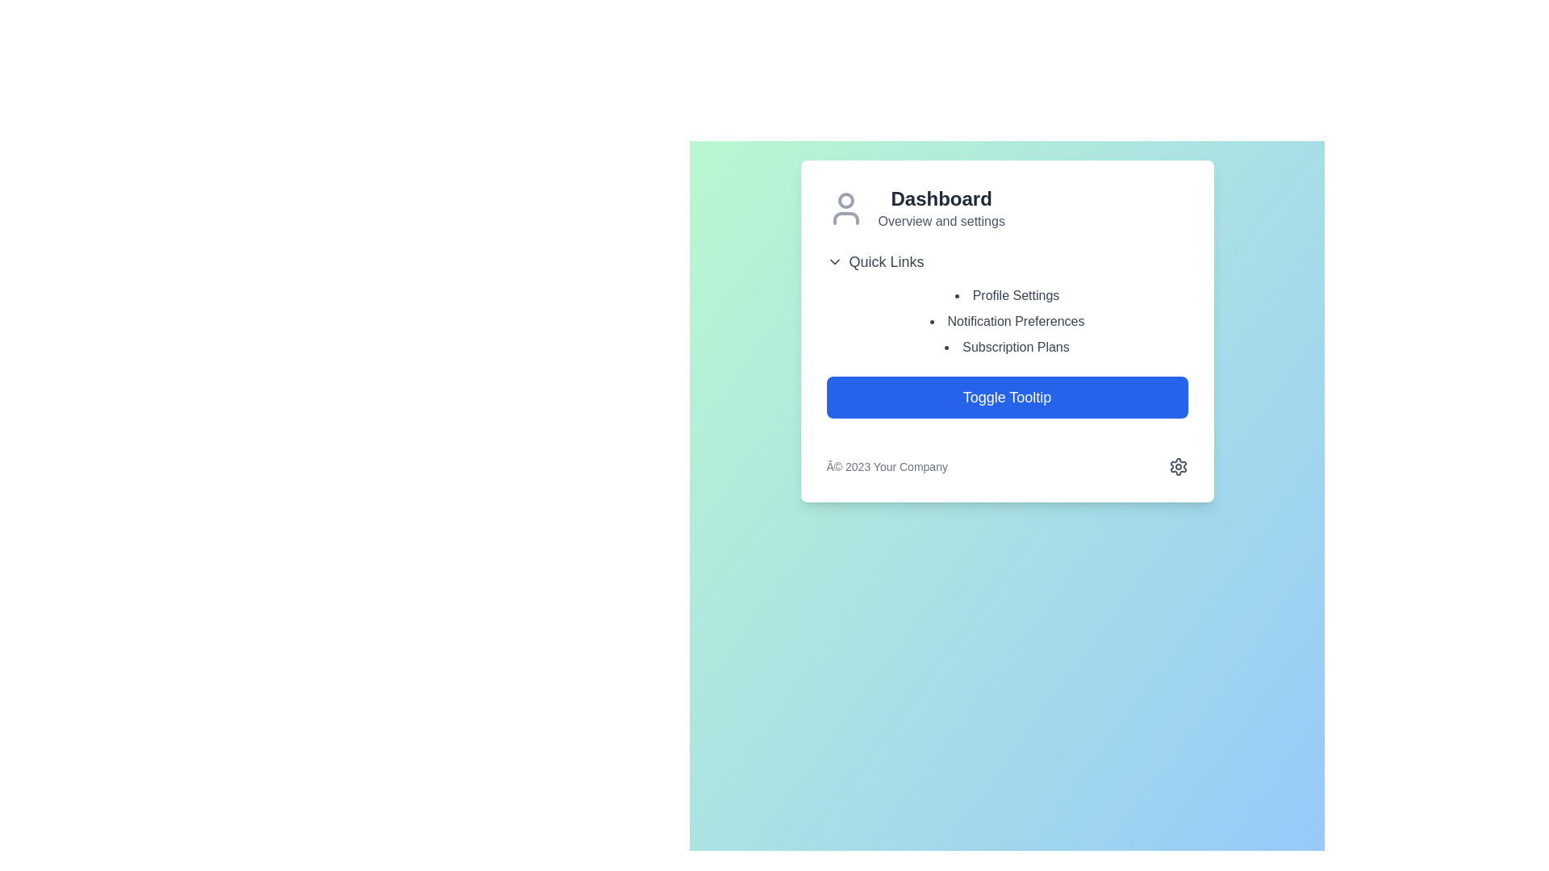  Describe the element at coordinates (1178, 466) in the screenshot. I see `the settings icon located at the bottom-right corner of the interface, which serves as a graphical representation for accessing settings or configuration options` at that location.